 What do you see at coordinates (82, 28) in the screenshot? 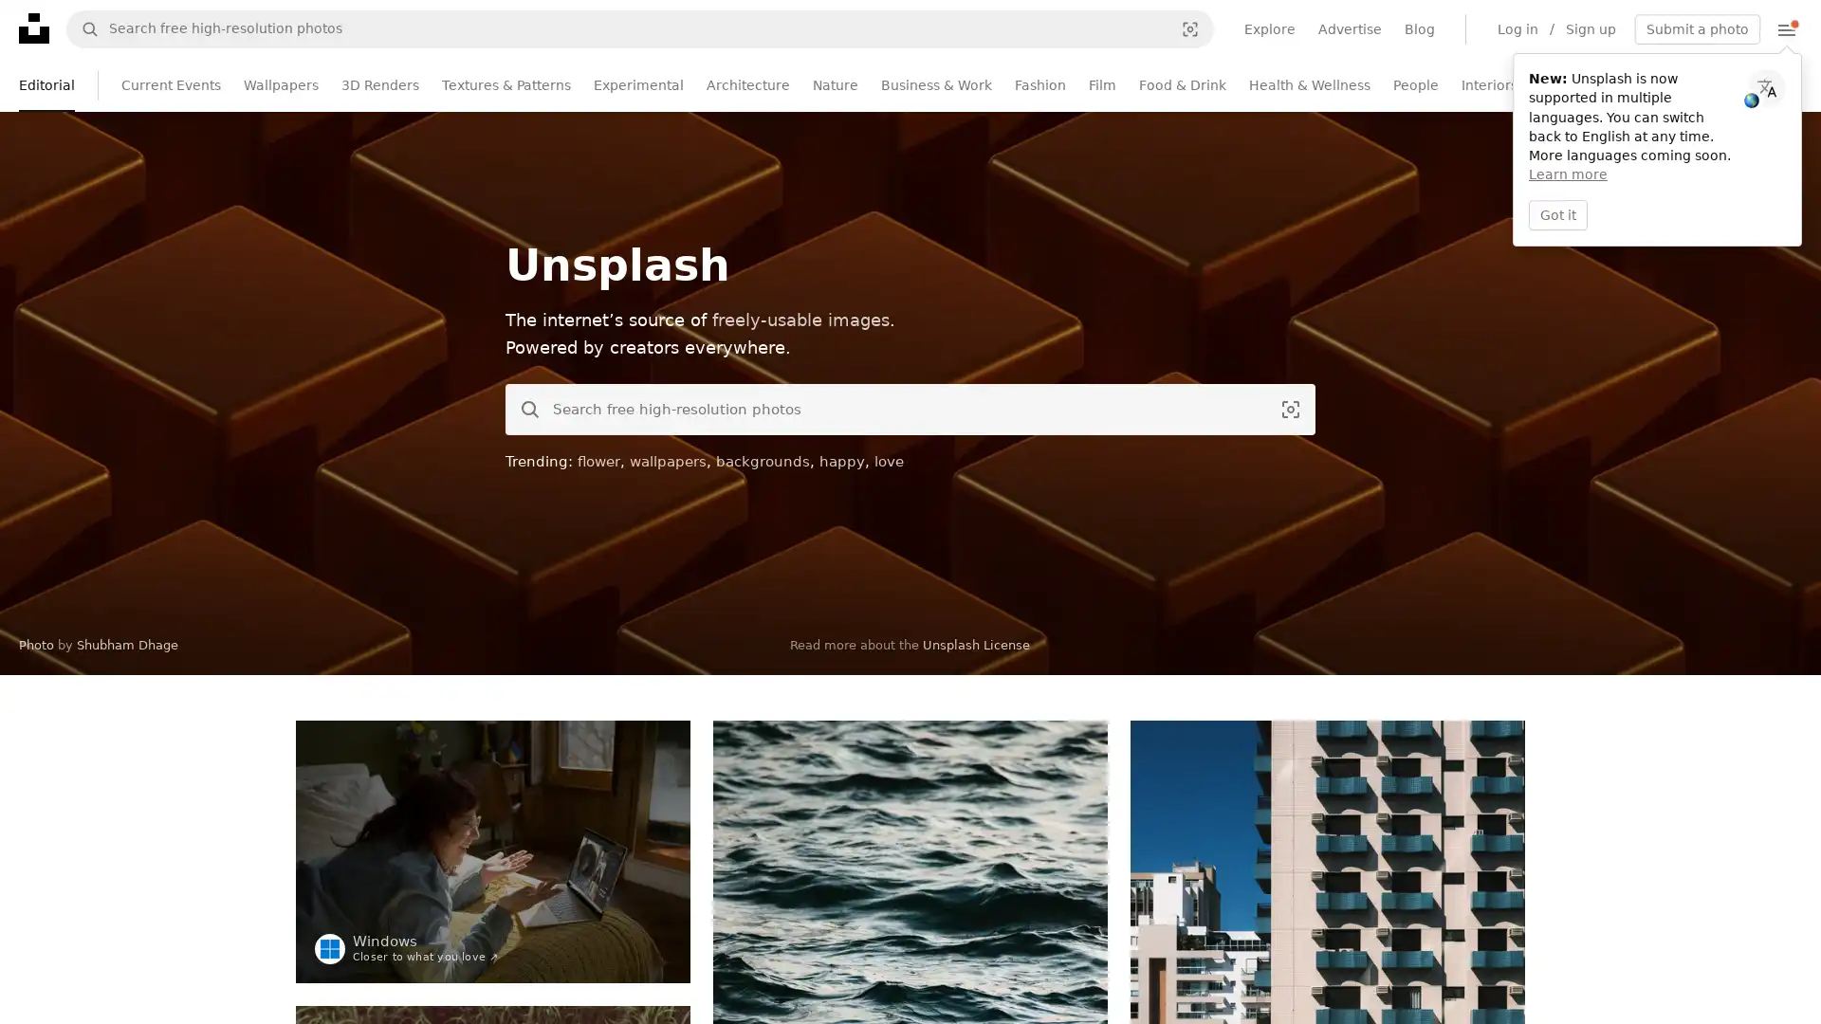
I see `Search Unsplash` at bounding box center [82, 28].